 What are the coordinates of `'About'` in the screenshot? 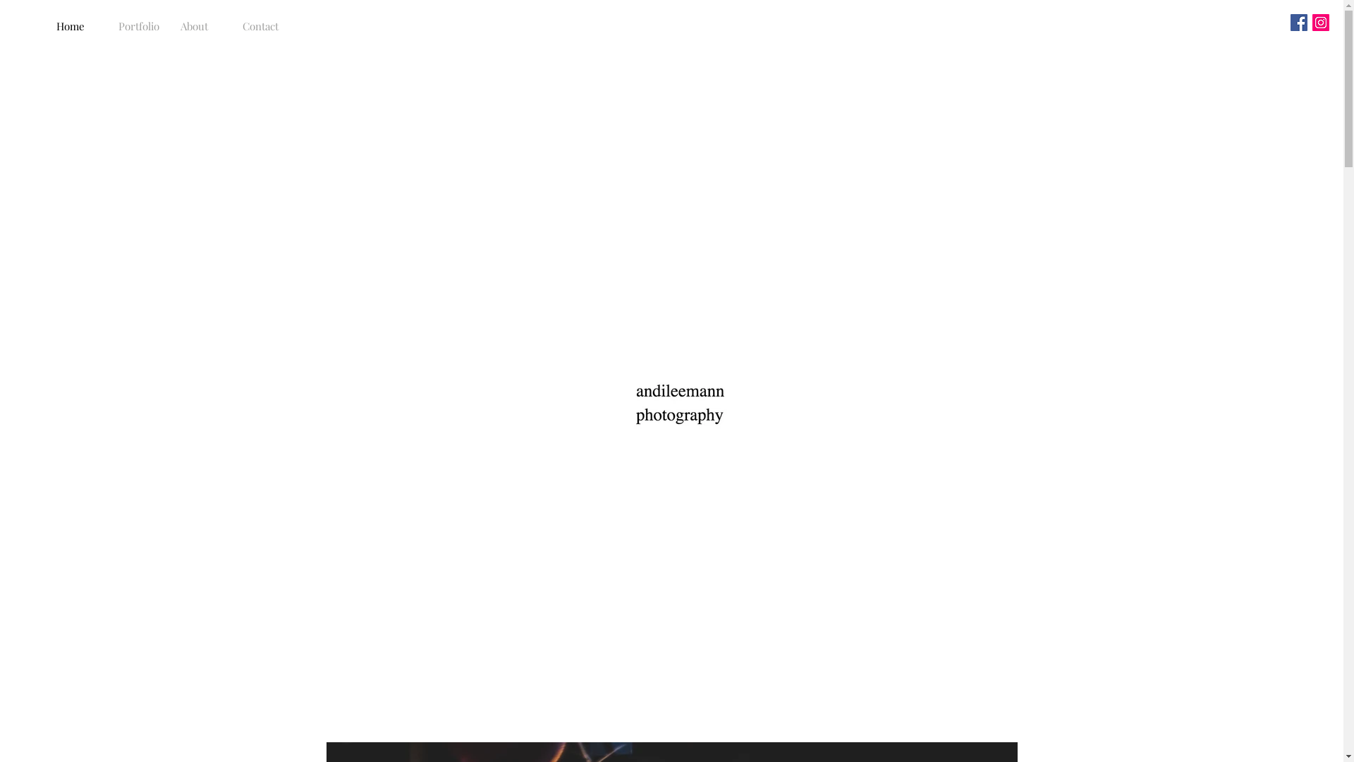 It's located at (200, 26).